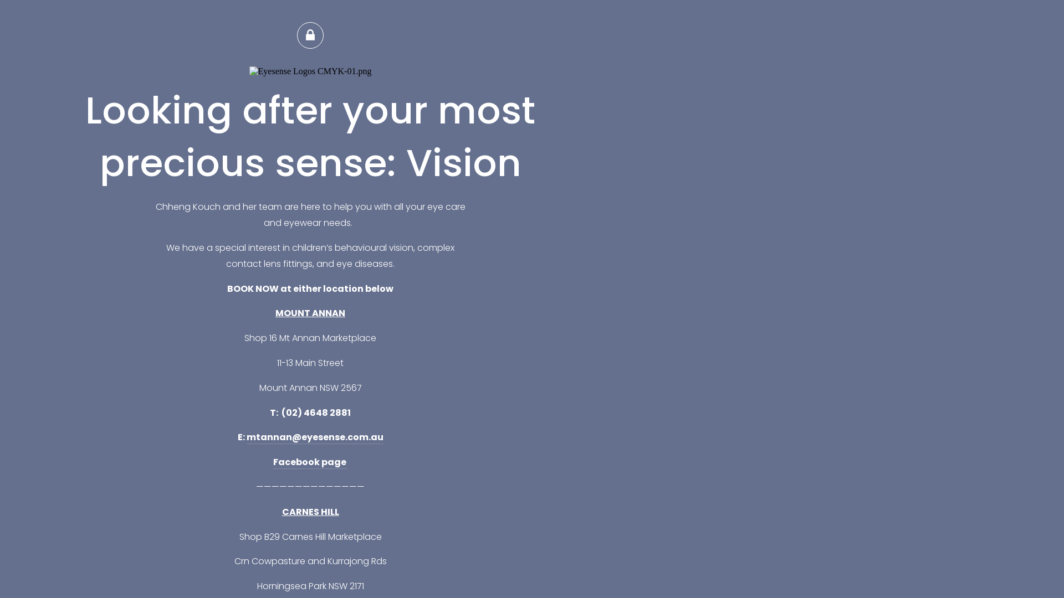 The image size is (1064, 598). Describe the element at coordinates (272, 462) in the screenshot. I see `'Facebook page '` at that location.